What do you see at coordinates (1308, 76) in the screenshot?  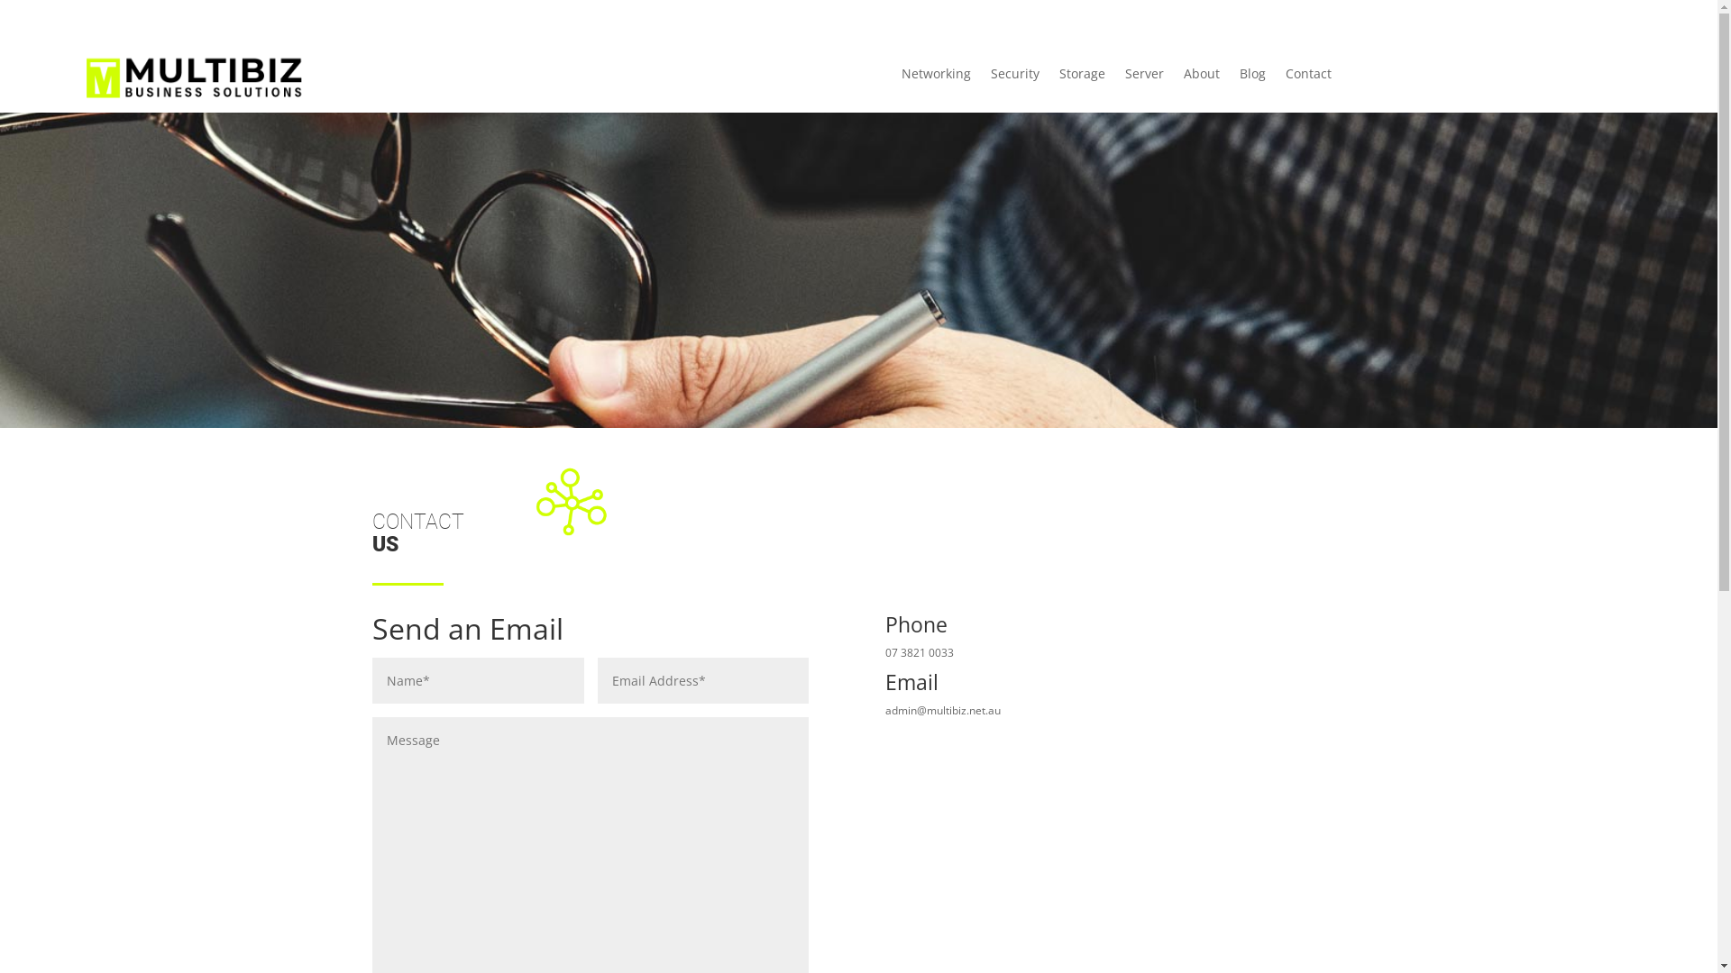 I see `'Contact'` at bounding box center [1308, 76].